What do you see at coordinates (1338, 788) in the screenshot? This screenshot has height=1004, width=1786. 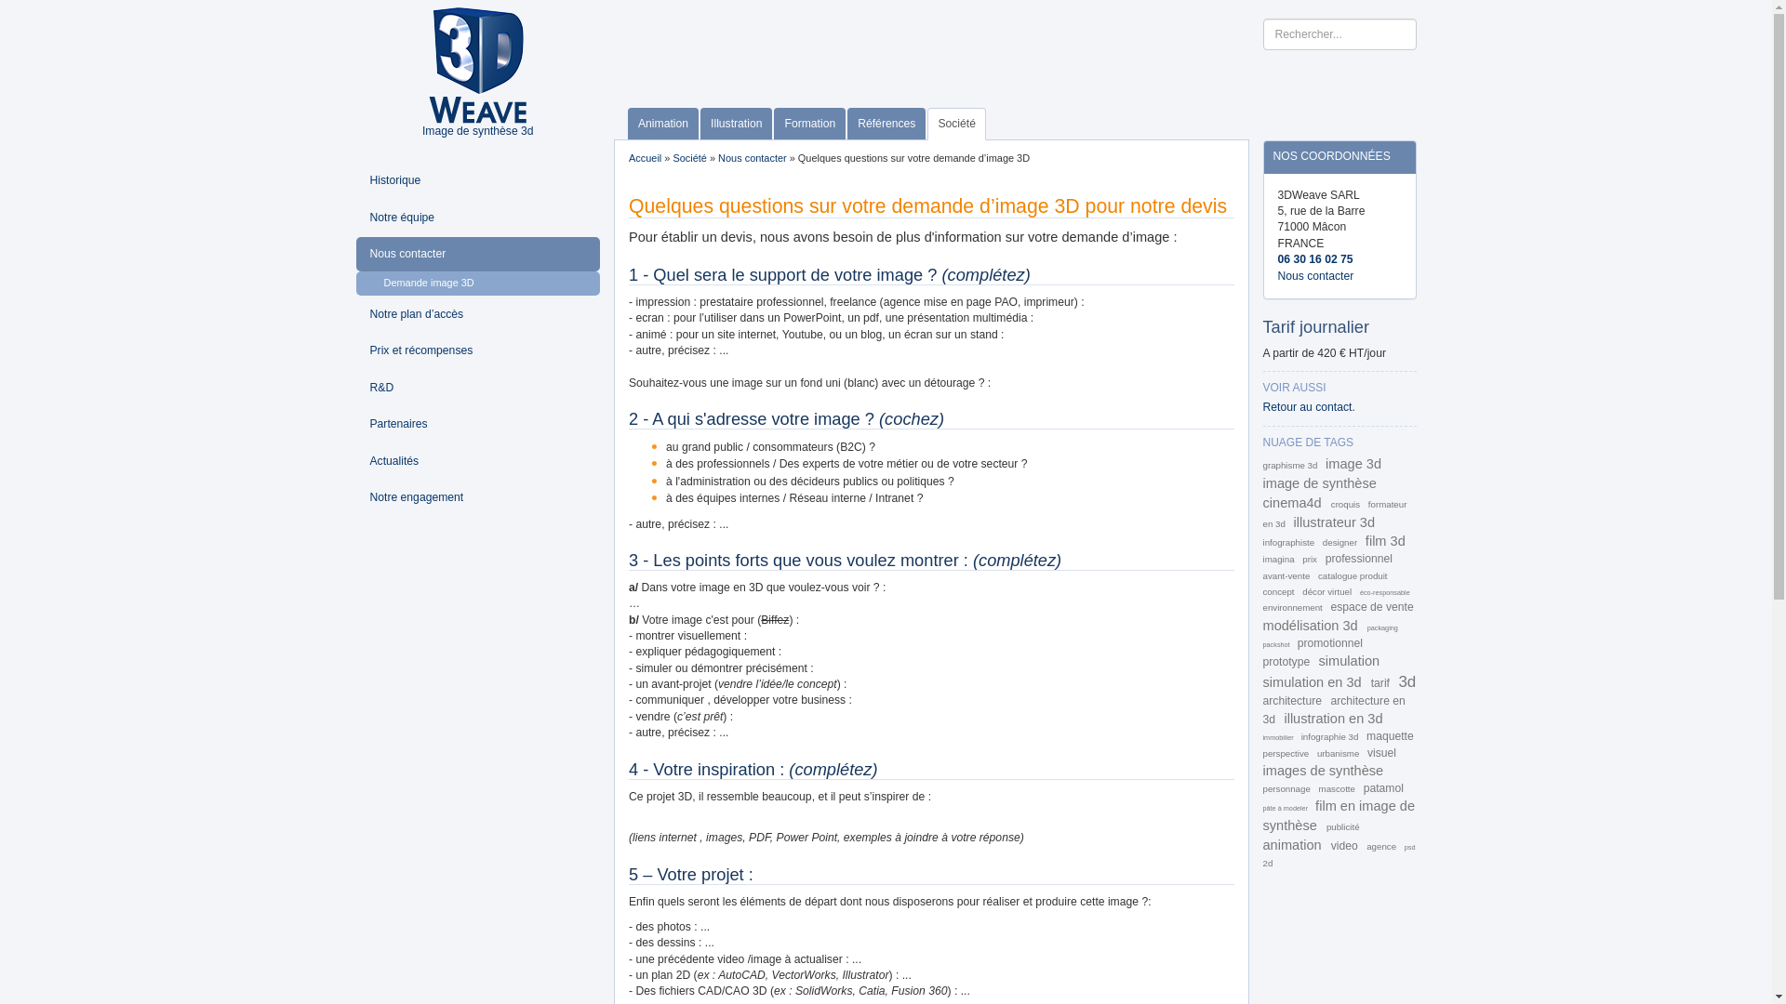 I see `'mascotte'` at bounding box center [1338, 788].